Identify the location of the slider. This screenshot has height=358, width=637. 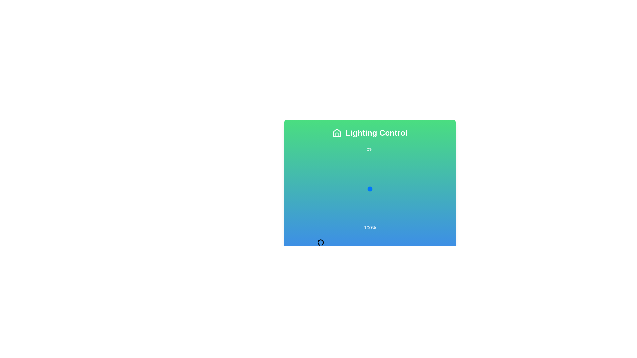
(369, 188).